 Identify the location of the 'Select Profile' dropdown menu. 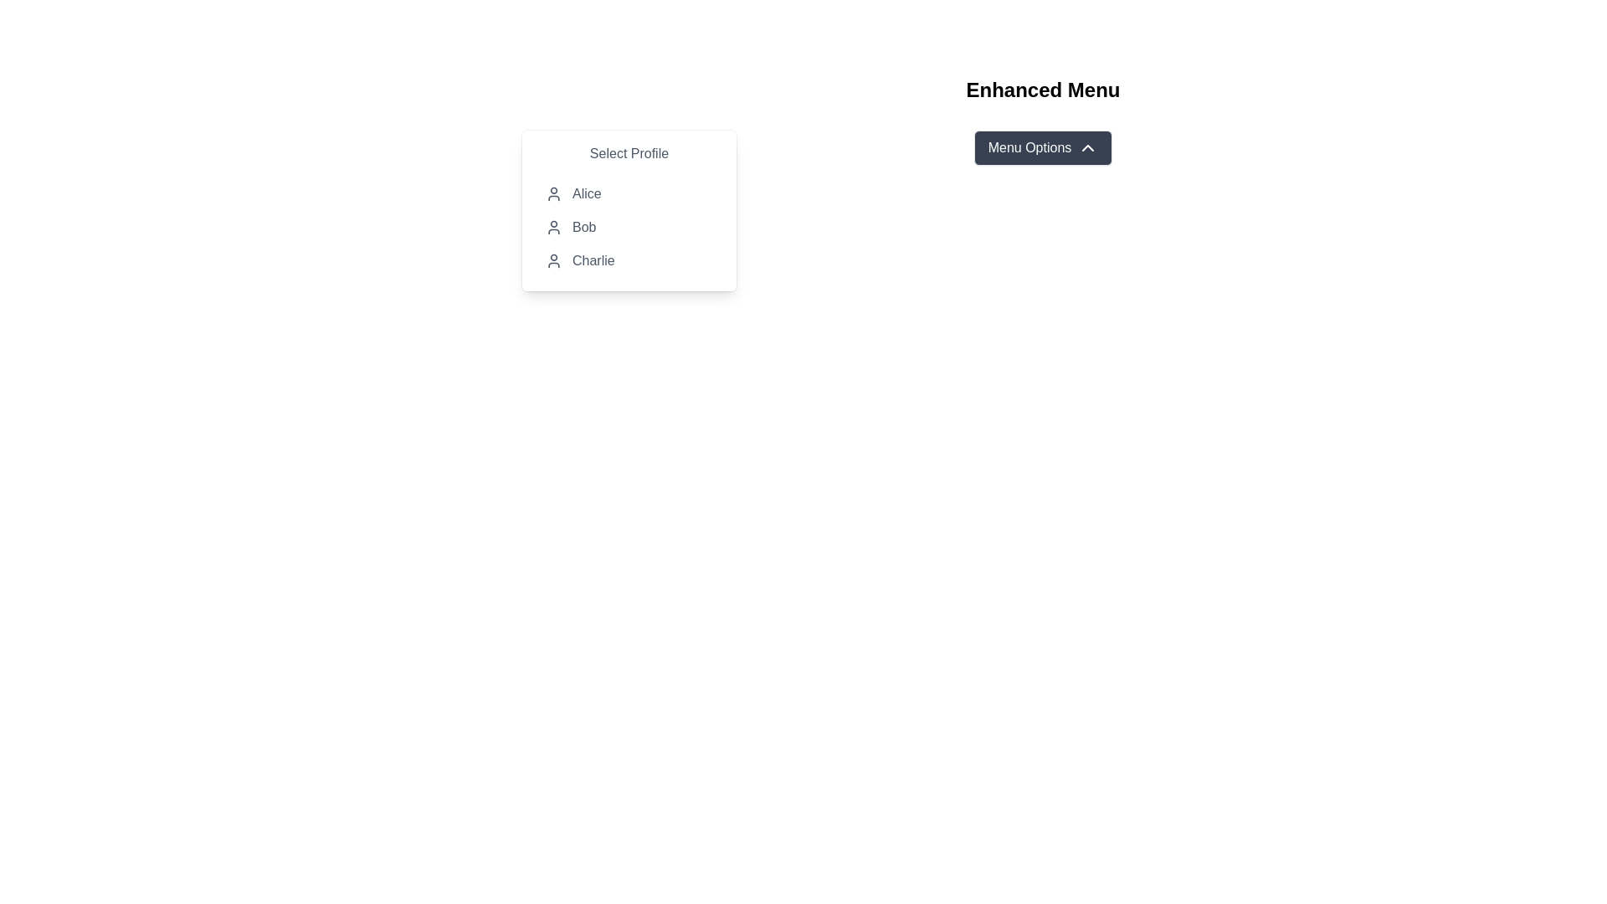
(629, 209).